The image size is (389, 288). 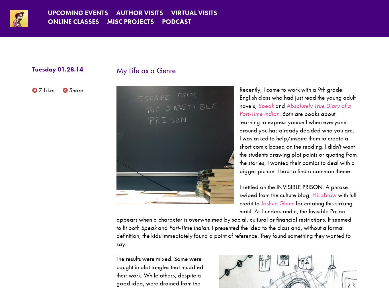 What do you see at coordinates (146, 70) in the screenshot?
I see `'My Life as a Genre'` at bounding box center [146, 70].